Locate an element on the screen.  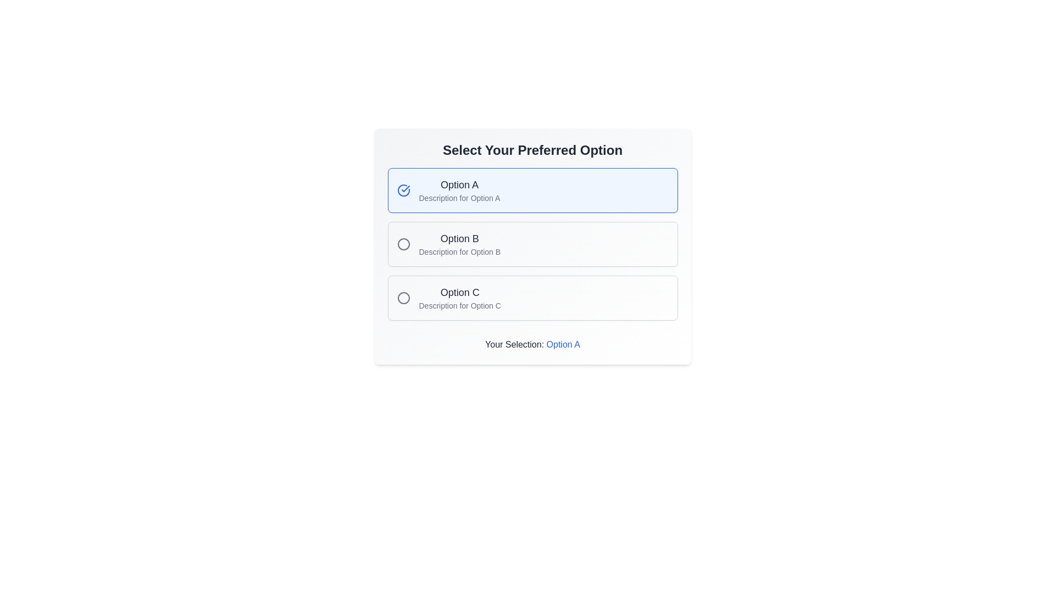
the text label 'Option A' which is displayed in a medium-sized, bold gray font within a blue bordered selection box, positioned above its description is located at coordinates (459, 184).